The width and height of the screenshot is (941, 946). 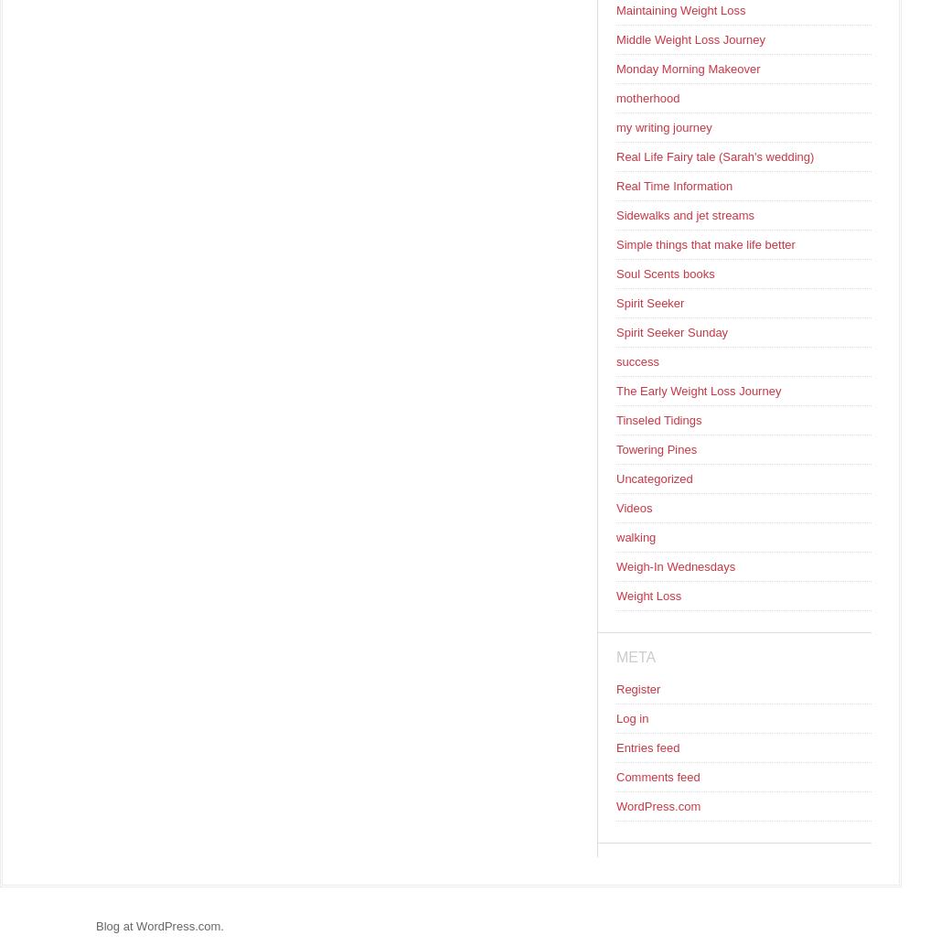 I want to click on 'Real Life Fairy tale (Sarah's wedding)', so click(x=715, y=156).